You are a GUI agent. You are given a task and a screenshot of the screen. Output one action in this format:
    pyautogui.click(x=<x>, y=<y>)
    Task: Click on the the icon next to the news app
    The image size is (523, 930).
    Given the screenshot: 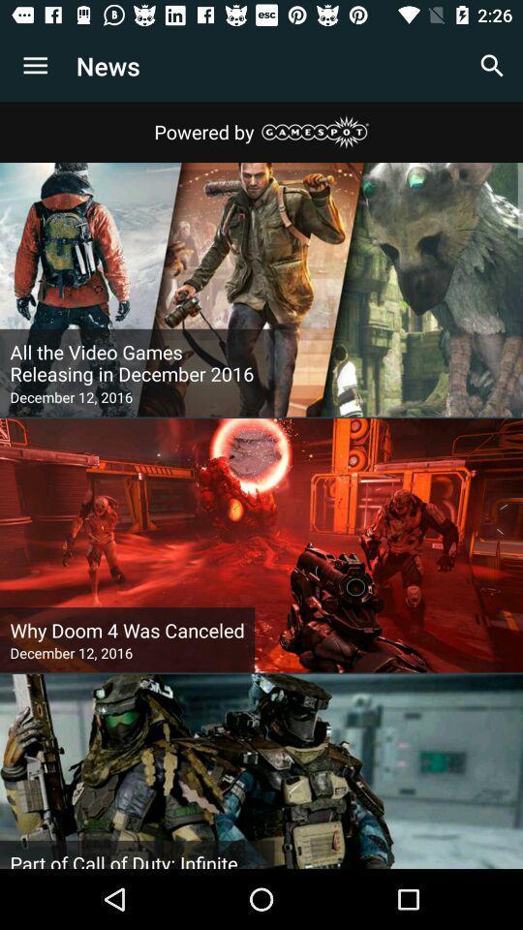 What is the action you would take?
    pyautogui.click(x=35, y=66)
    